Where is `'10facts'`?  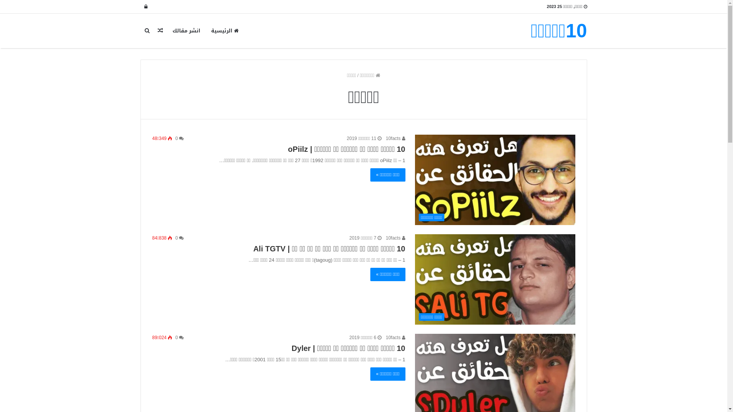
'10facts' is located at coordinates (395, 337).